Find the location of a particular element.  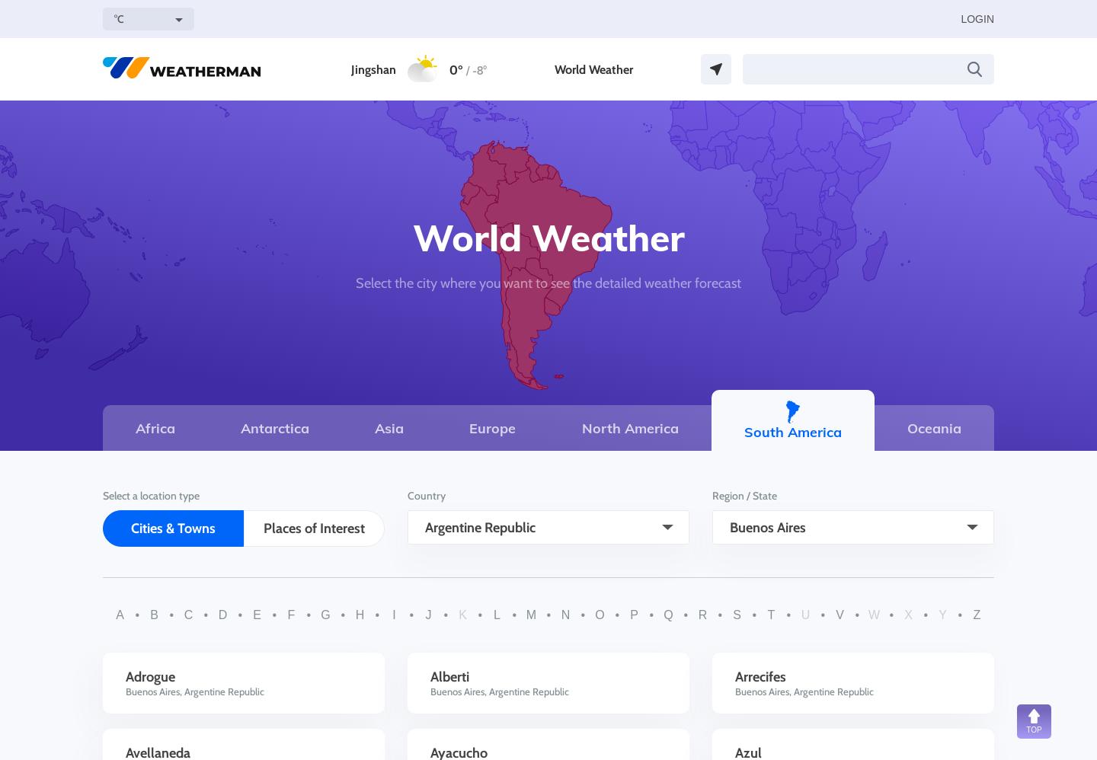

'J' is located at coordinates (425, 615).